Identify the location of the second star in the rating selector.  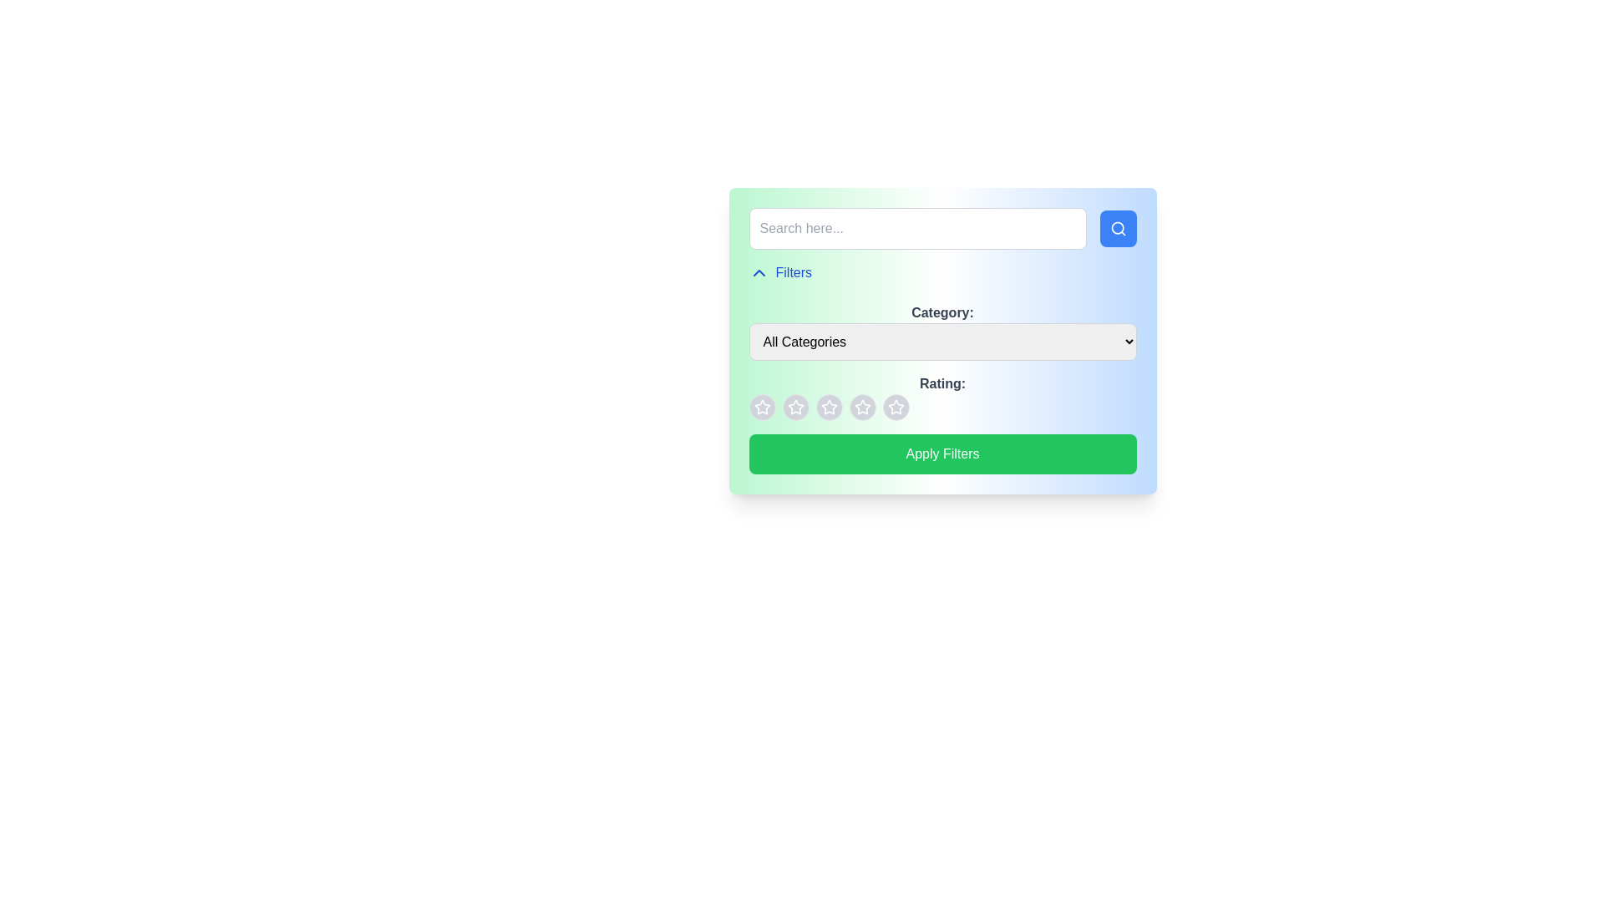
(829, 408).